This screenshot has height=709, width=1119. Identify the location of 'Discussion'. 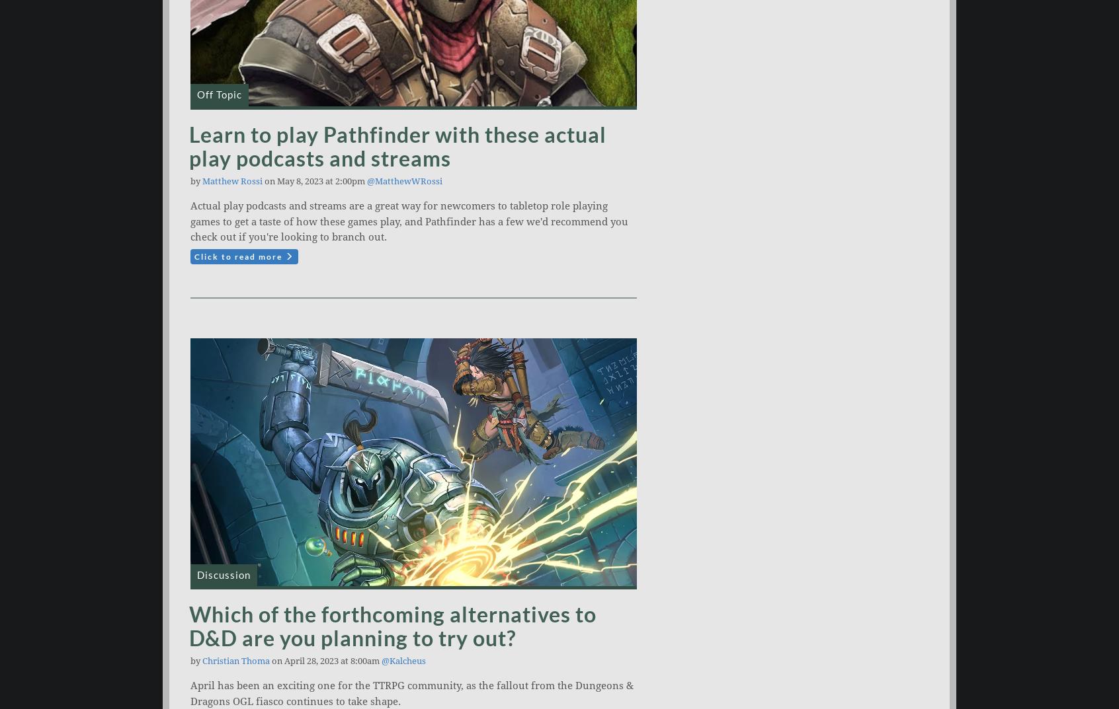
(223, 574).